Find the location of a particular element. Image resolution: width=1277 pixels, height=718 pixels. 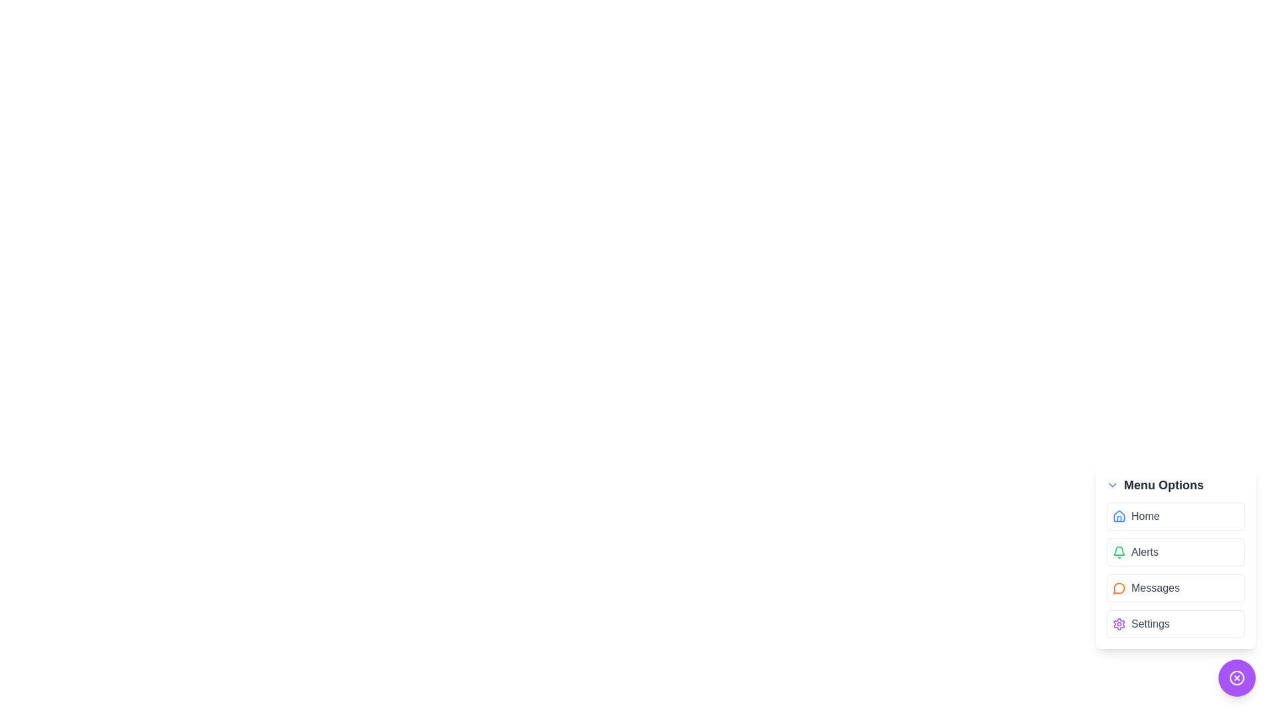

the 'Messages' button located in the vertical list menu titled 'Menu Options', which is the third option between 'Alerts' and 'Settings' is located at coordinates (1175, 587).